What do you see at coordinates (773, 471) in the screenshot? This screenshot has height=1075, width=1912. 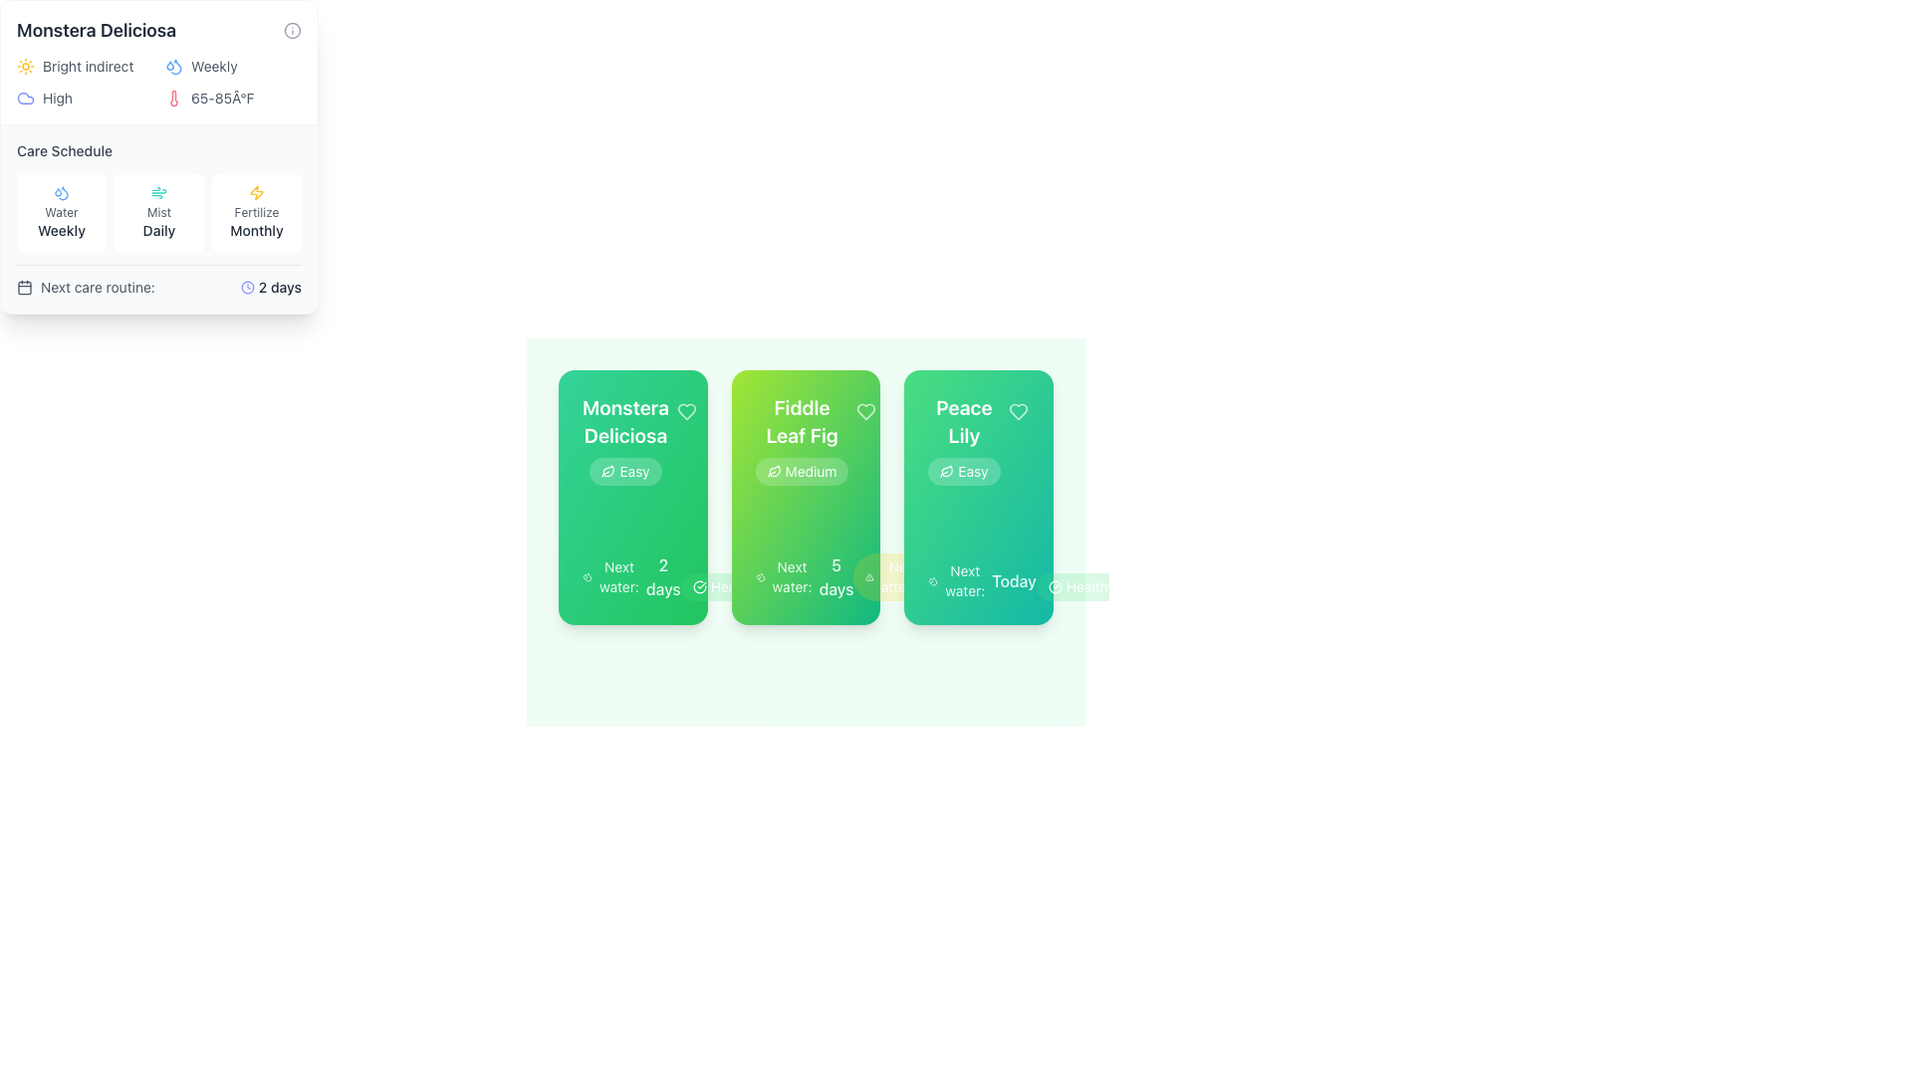 I see `the leaf-shaped icon SVG graphic located at the top of the green card within a set of three horizontally aligned cards` at bounding box center [773, 471].